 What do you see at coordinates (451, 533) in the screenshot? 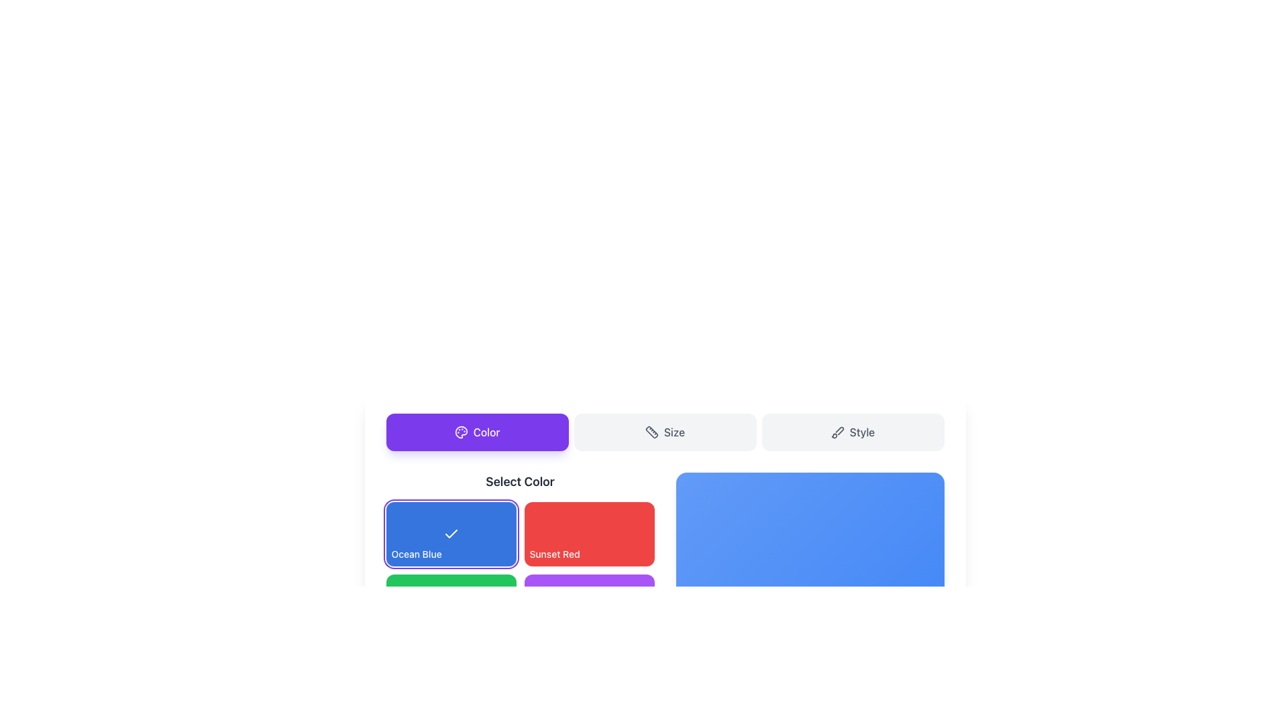
I see `the small checkmark-shaped vector graphic with a white stroke located inside the blue rectangle labeled 'Ocean Blue', which is part of the color selection grid` at bounding box center [451, 533].